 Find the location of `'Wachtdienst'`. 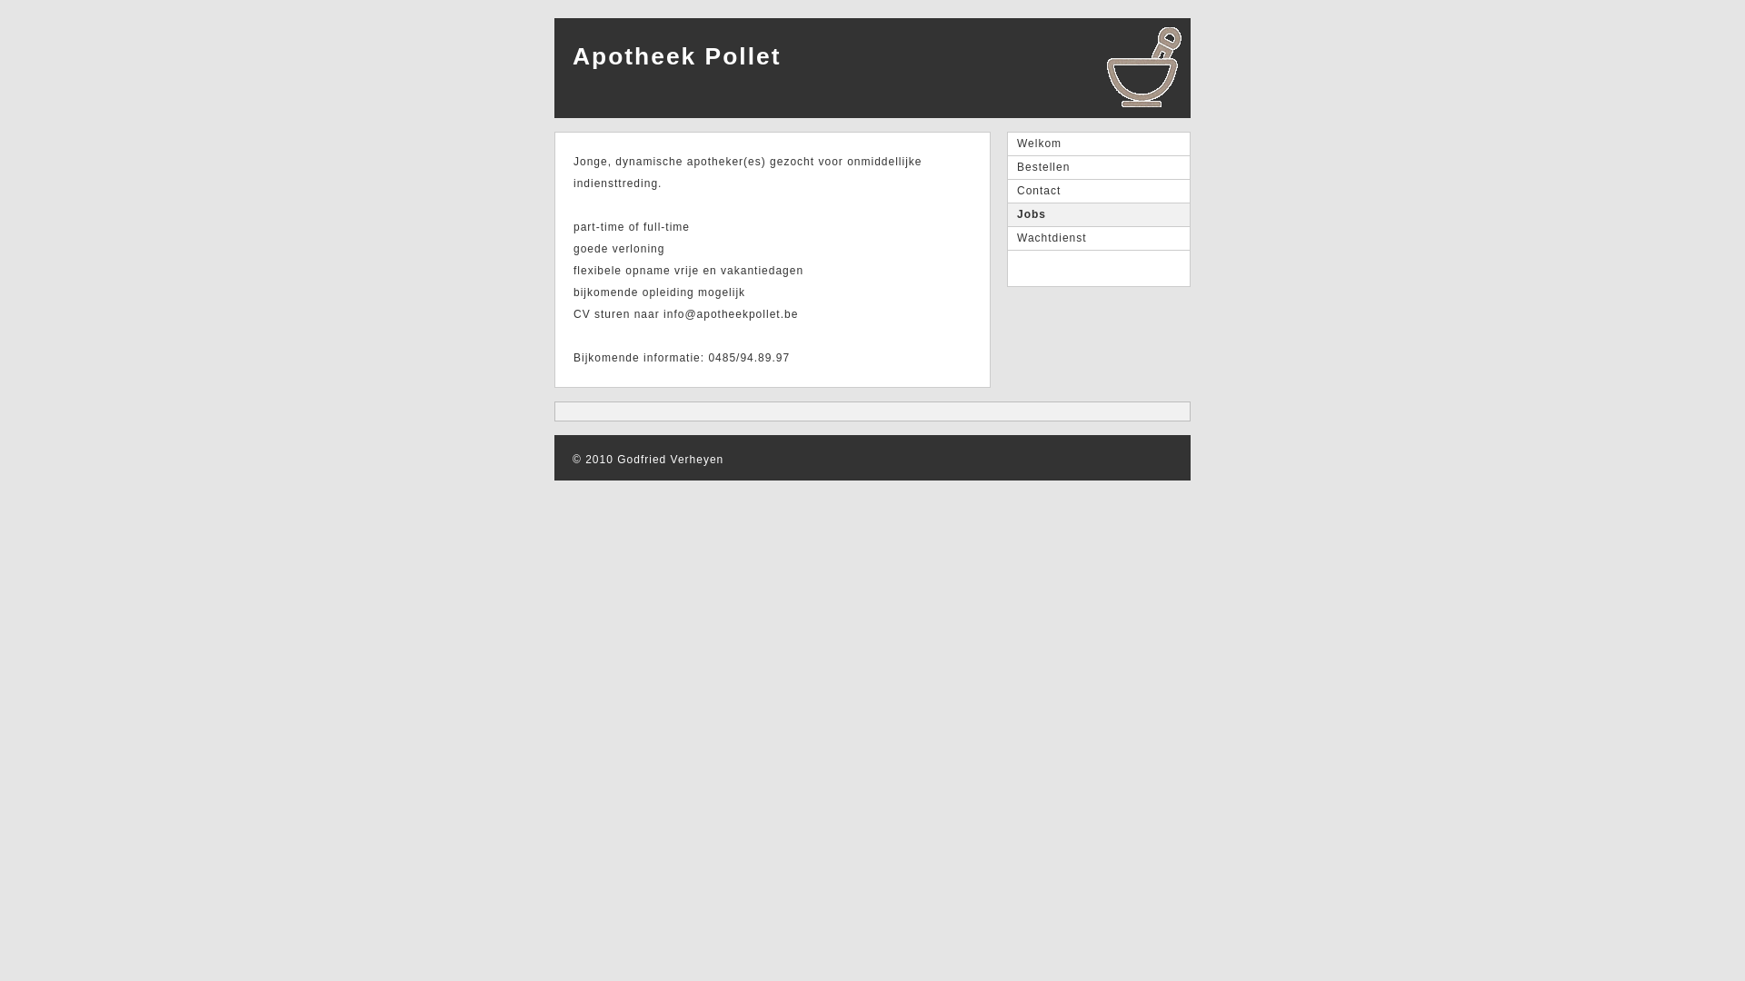

'Wachtdienst' is located at coordinates (1006, 237).